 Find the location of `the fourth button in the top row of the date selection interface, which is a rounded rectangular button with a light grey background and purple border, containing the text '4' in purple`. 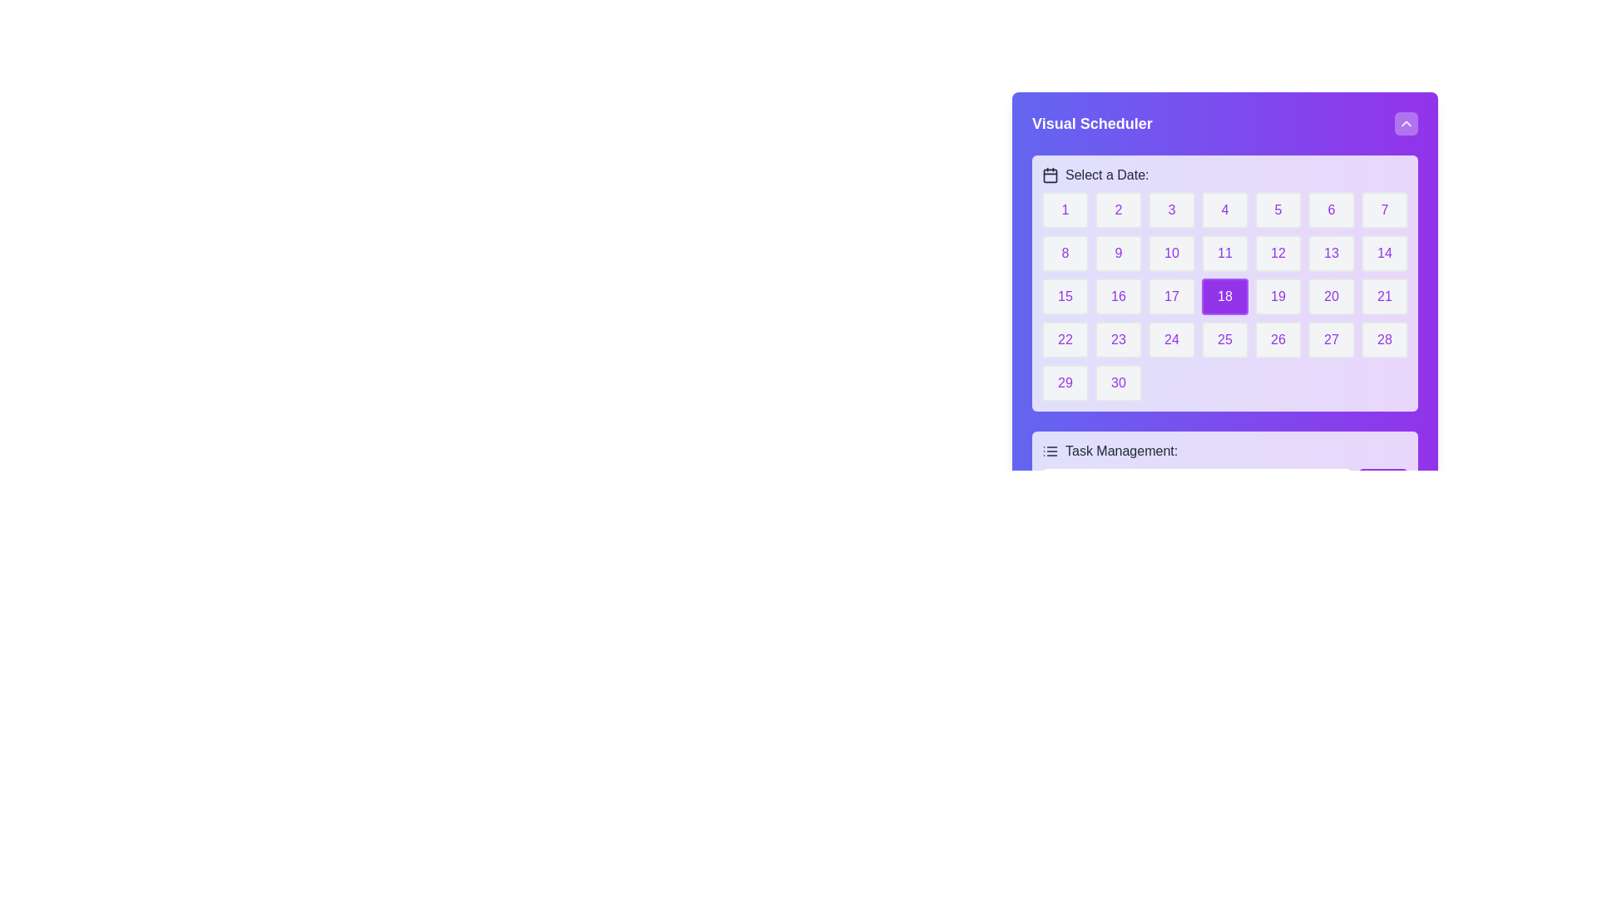

the fourth button in the top row of the date selection interface, which is a rounded rectangular button with a light grey background and purple border, containing the text '4' in purple is located at coordinates (1225, 210).